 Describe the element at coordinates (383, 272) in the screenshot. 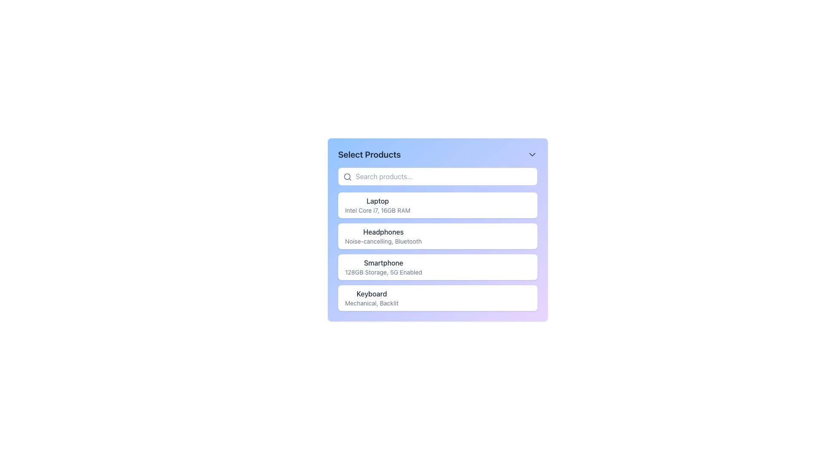

I see `the informational text label that describes the specifications of the Smartphone product, located directly below the title 'Smartphone'` at that location.